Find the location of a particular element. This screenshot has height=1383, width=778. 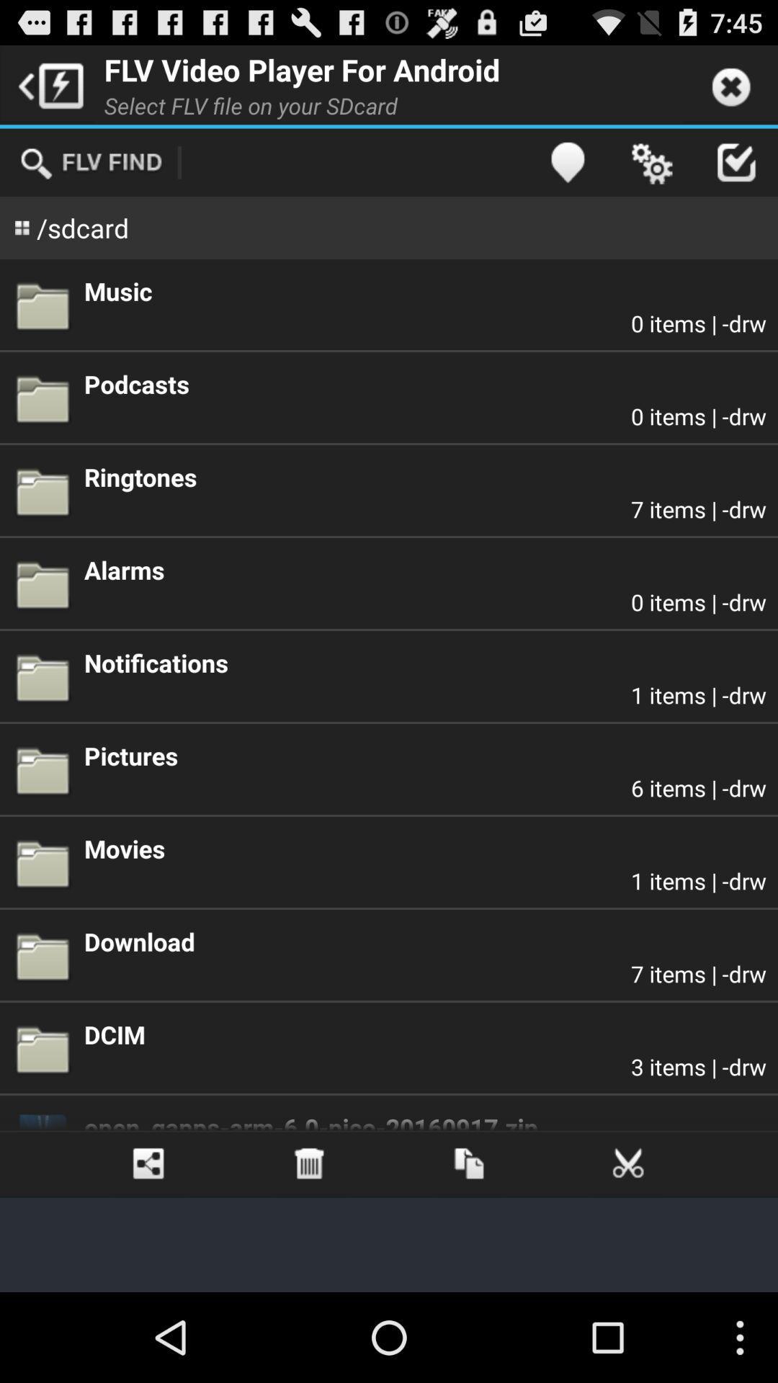

the alarms app is located at coordinates (424, 569).